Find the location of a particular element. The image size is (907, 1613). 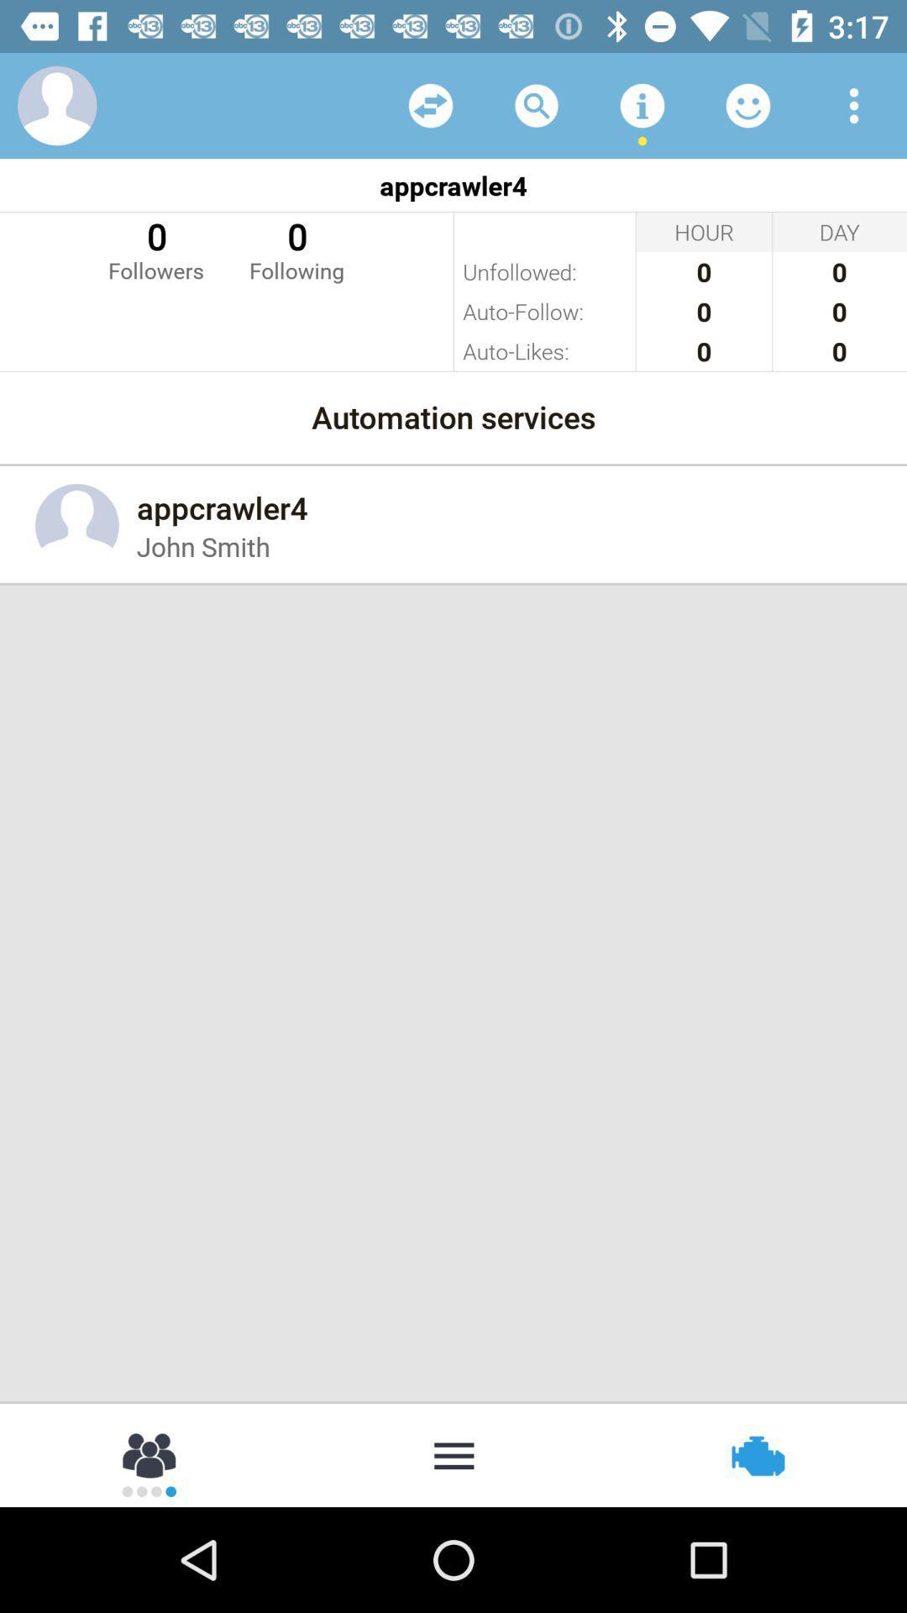

search is located at coordinates (537, 104).